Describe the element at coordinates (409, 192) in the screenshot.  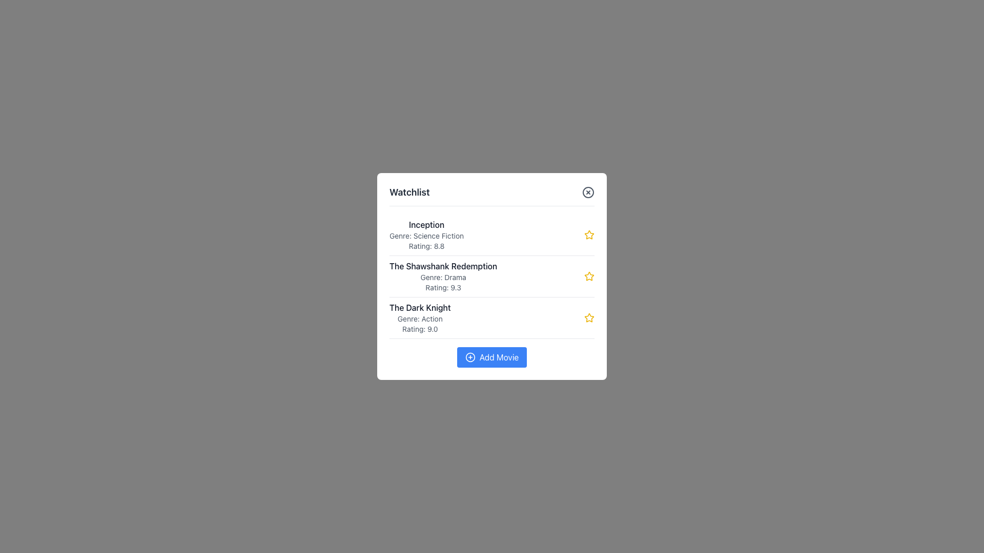
I see `the 'Watchlist' text label, which is styled in bold and large font, located at the top left corner of its panel` at that location.